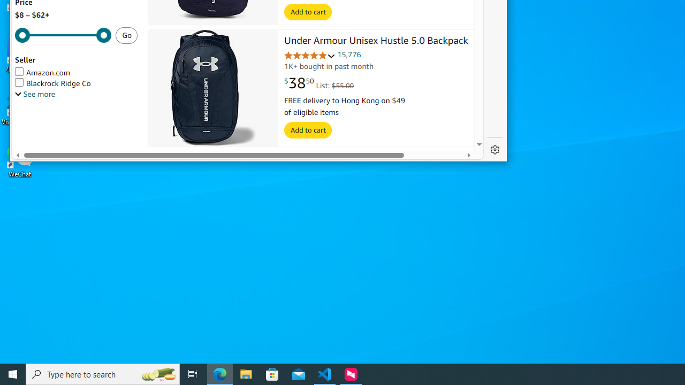 The height and width of the screenshot is (385, 685). What do you see at coordinates (103, 373) in the screenshot?
I see `'Type here to search'` at bounding box center [103, 373].